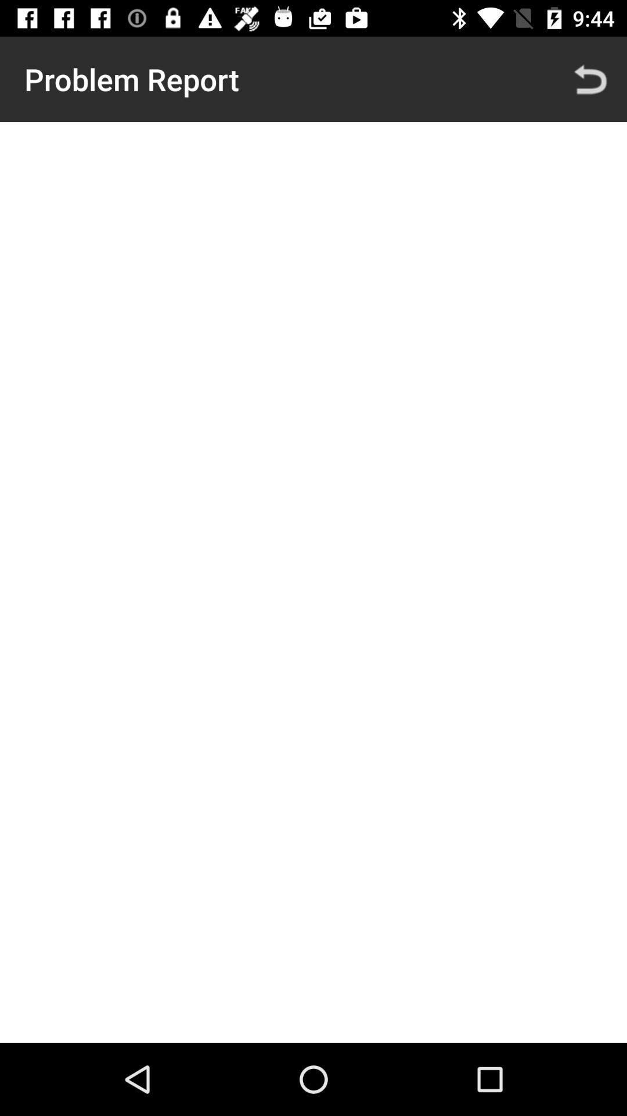 This screenshot has width=627, height=1116. What do you see at coordinates (590, 78) in the screenshot?
I see `icon next to problem report app` at bounding box center [590, 78].